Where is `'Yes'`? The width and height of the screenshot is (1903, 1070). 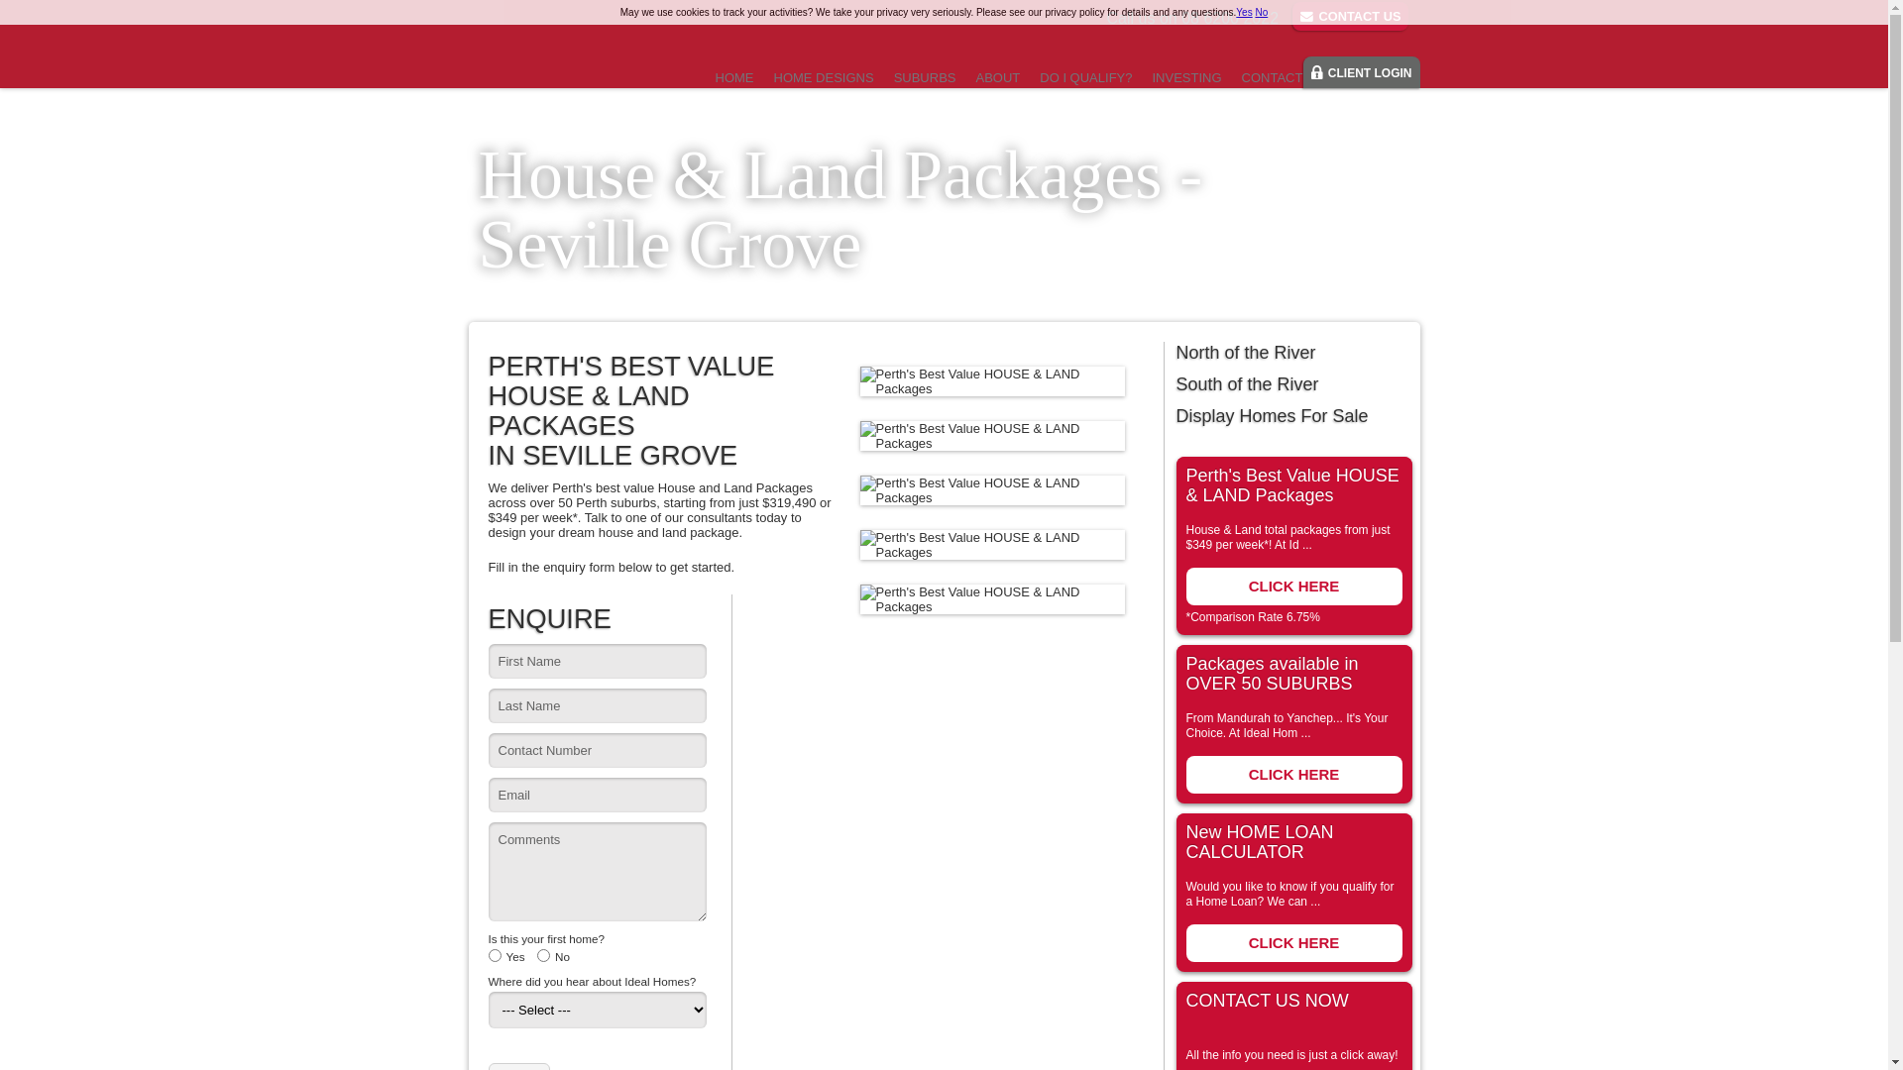 'Yes' is located at coordinates (1242, 12).